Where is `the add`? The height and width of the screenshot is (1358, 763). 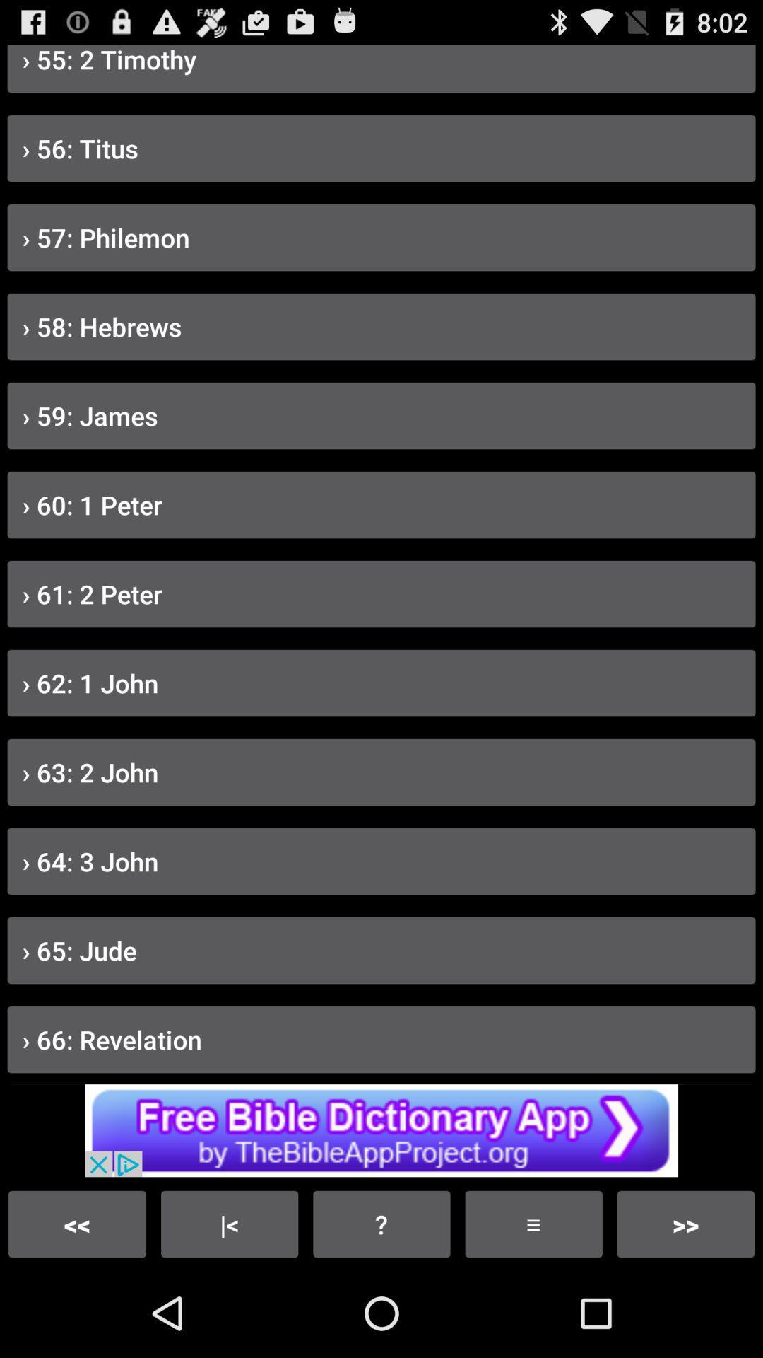
the add is located at coordinates (381, 1130).